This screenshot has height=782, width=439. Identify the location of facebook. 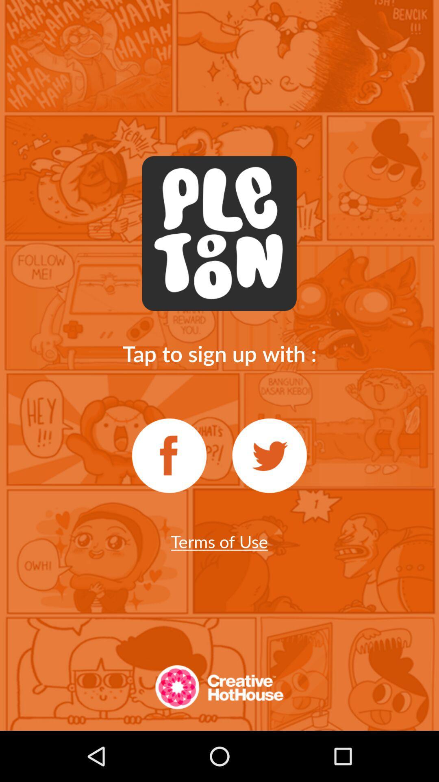
(169, 455).